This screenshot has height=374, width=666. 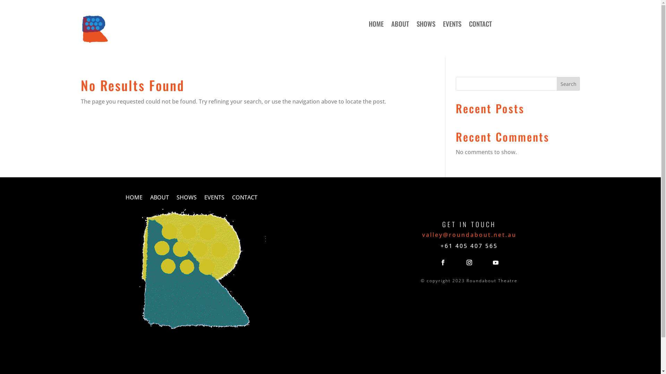 What do you see at coordinates (556, 83) in the screenshot?
I see `'Search'` at bounding box center [556, 83].